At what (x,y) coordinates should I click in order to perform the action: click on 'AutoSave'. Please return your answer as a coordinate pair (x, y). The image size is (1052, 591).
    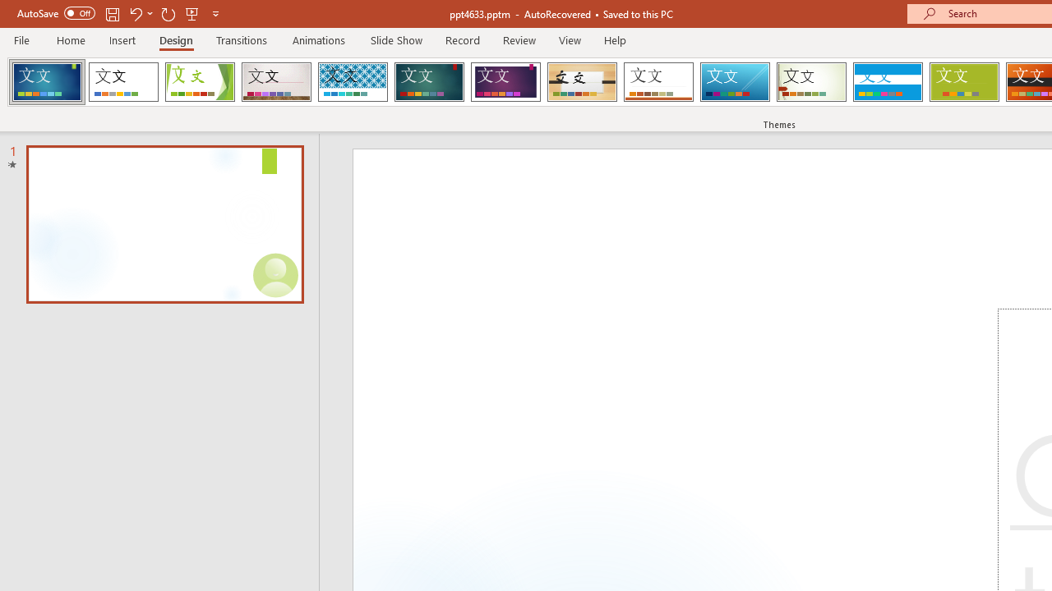
    Looking at the image, I should click on (56, 13).